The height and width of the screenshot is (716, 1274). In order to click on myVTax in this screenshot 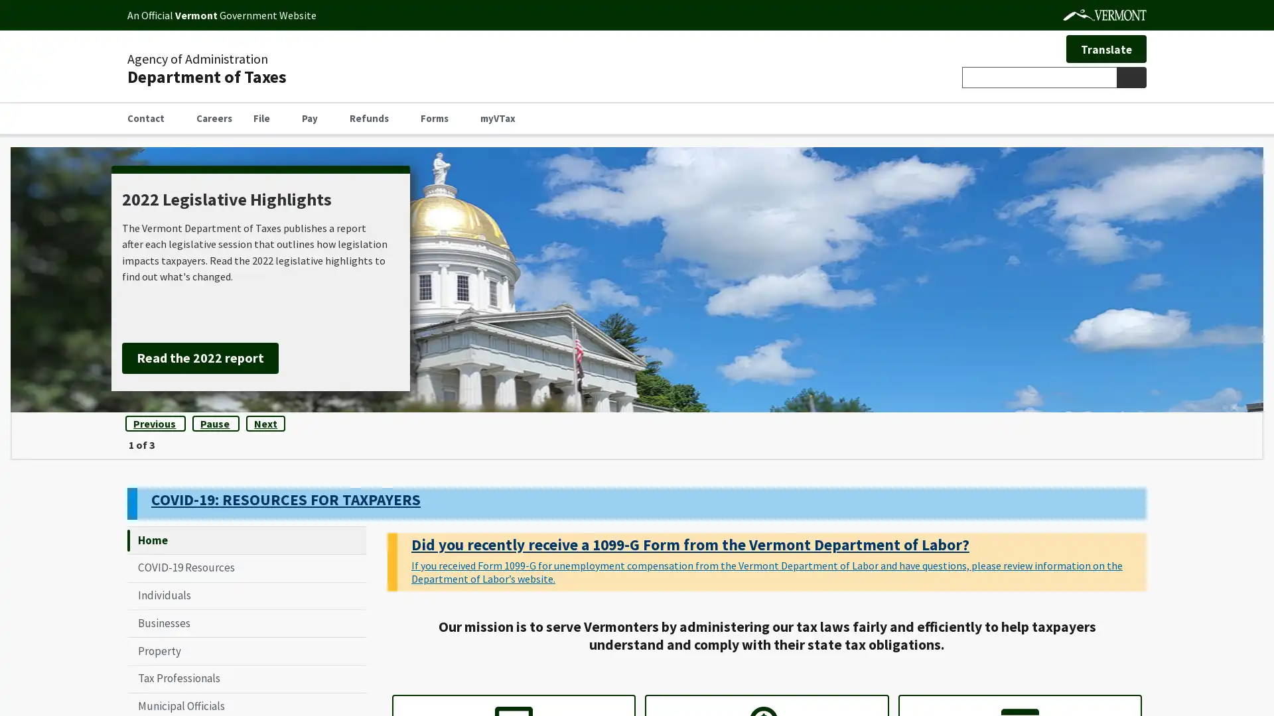, I will do `click(502, 117)`.